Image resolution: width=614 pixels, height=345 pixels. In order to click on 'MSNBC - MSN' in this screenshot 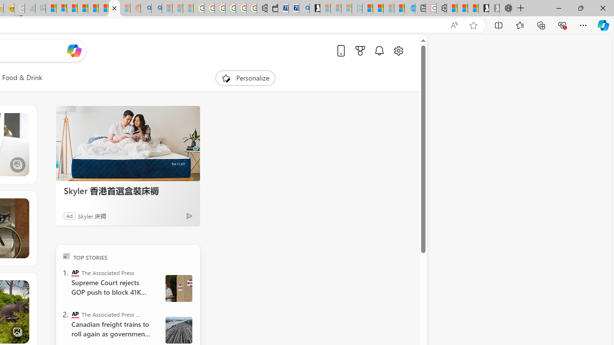, I will do `click(50, 8)`.